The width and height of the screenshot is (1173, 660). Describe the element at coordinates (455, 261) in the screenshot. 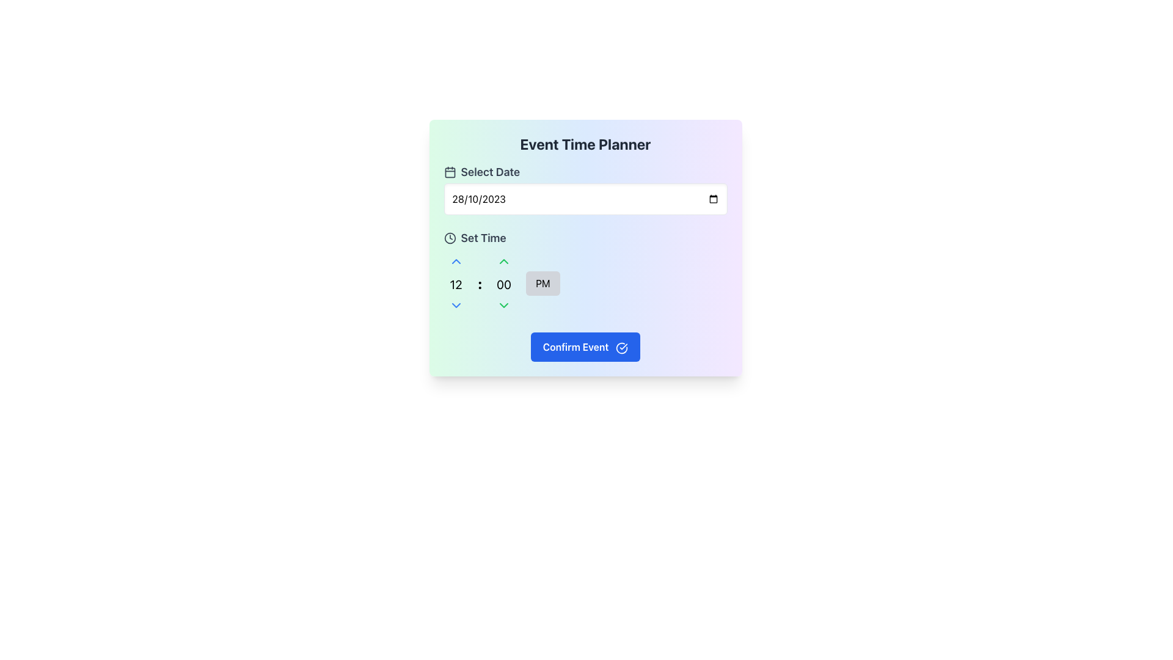

I see `the upward chevron button located in the top-left section of the time-setting interface to increment the hour value` at that location.